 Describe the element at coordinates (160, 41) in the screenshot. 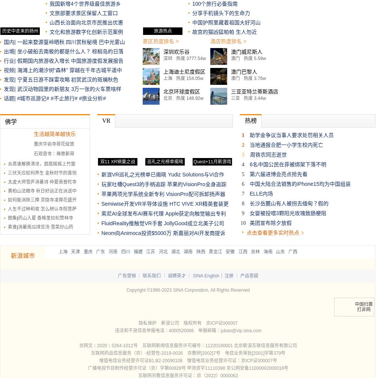

I see `'景区热度排名 >'` at that location.